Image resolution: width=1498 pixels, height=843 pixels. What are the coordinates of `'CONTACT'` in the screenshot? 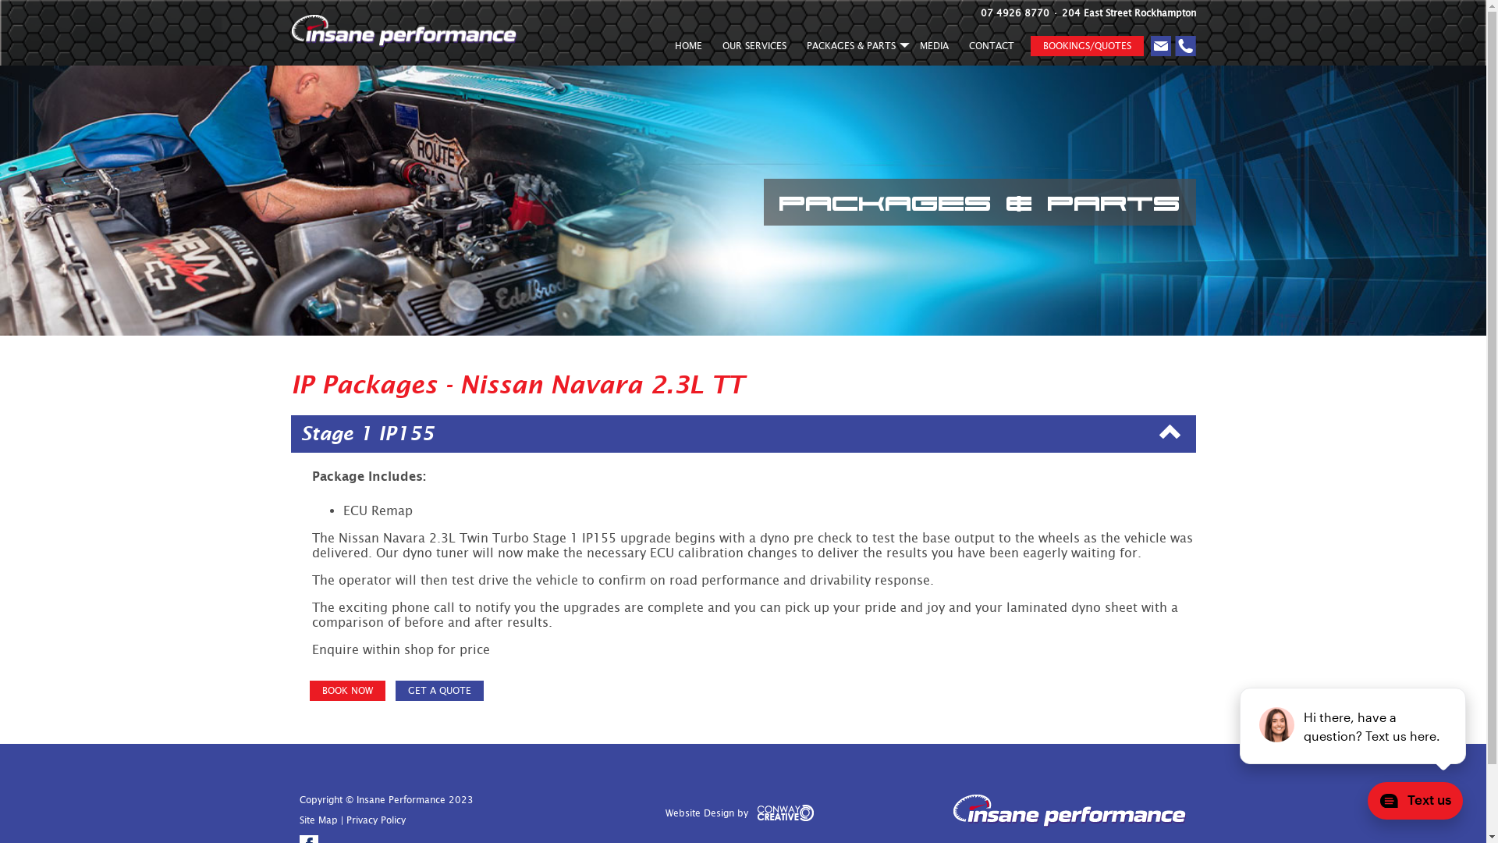 It's located at (957, 48).